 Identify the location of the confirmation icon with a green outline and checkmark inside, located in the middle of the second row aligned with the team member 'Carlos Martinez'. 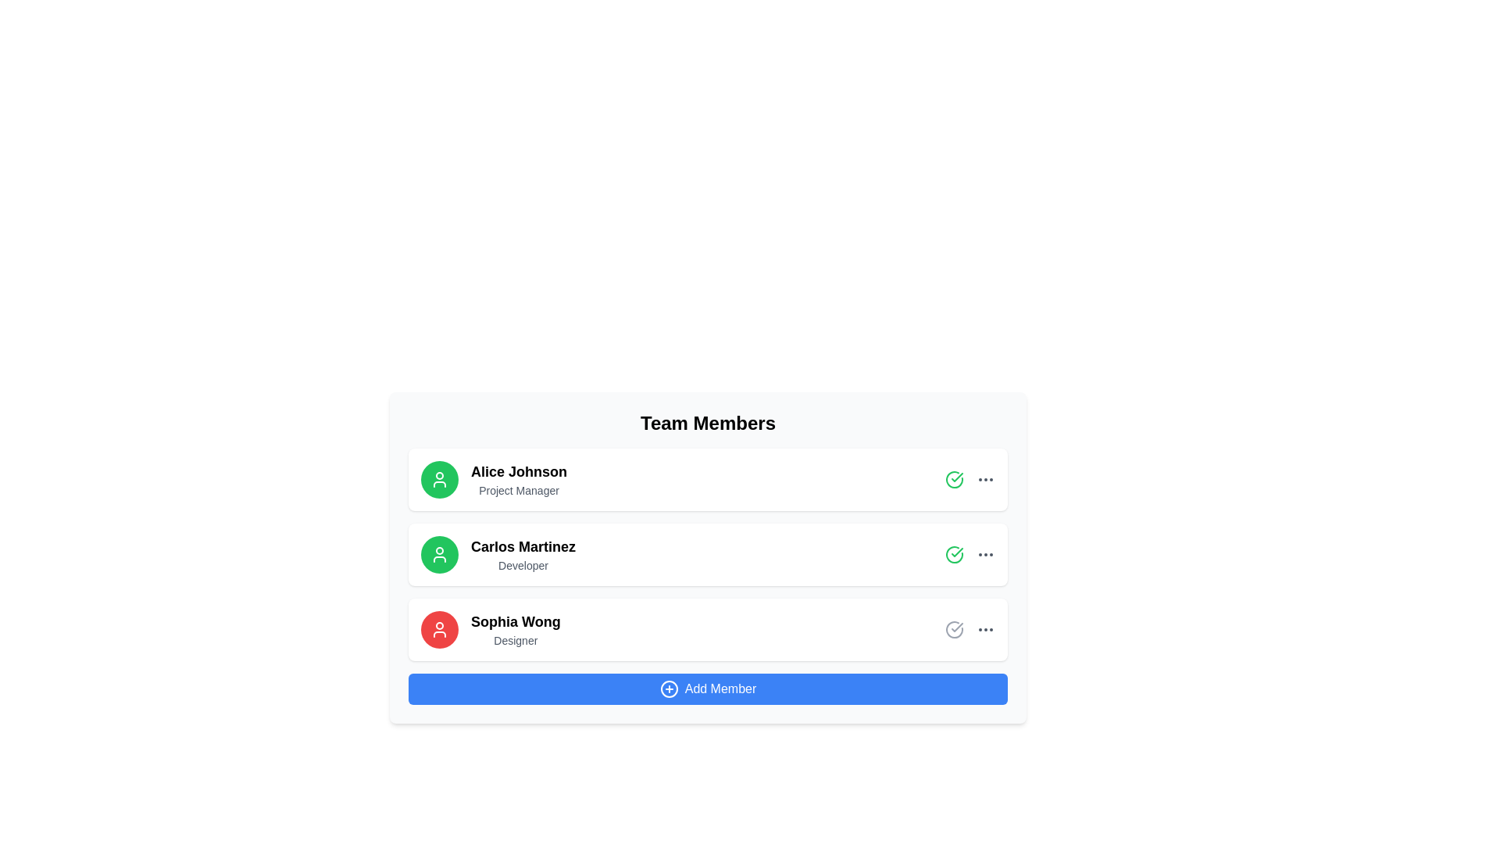
(954, 478).